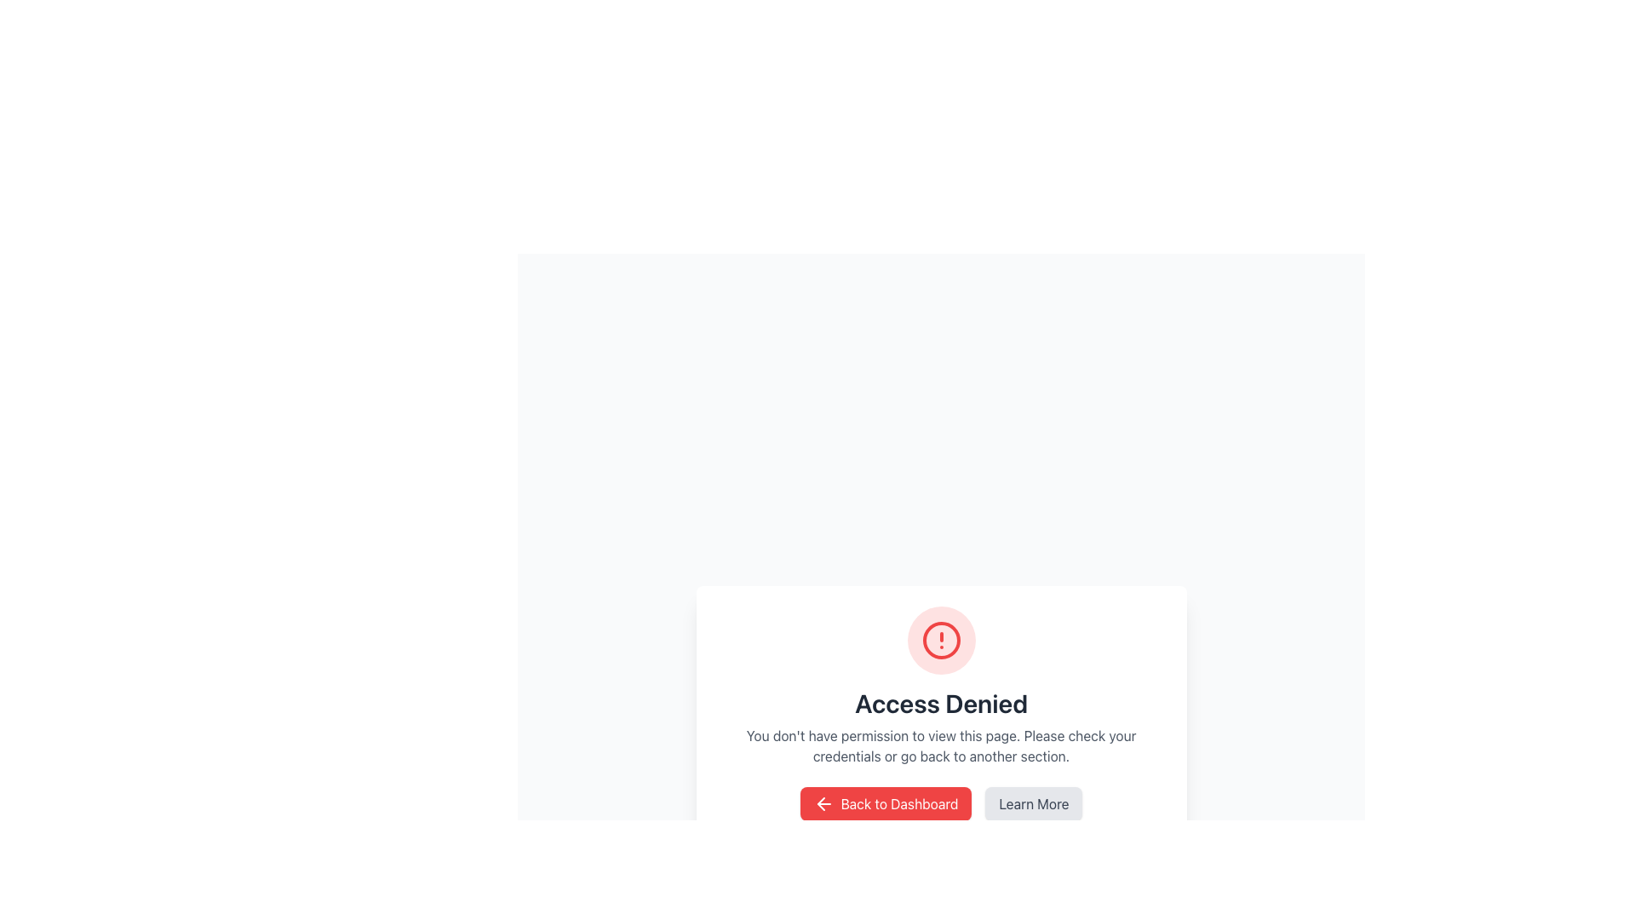  What do you see at coordinates (940, 804) in the screenshot?
I see `the left button labeled 'Back to Dashboard' in the button group located at the bottom center of the 'Access Denied' section` at bounding box center [940, 804].